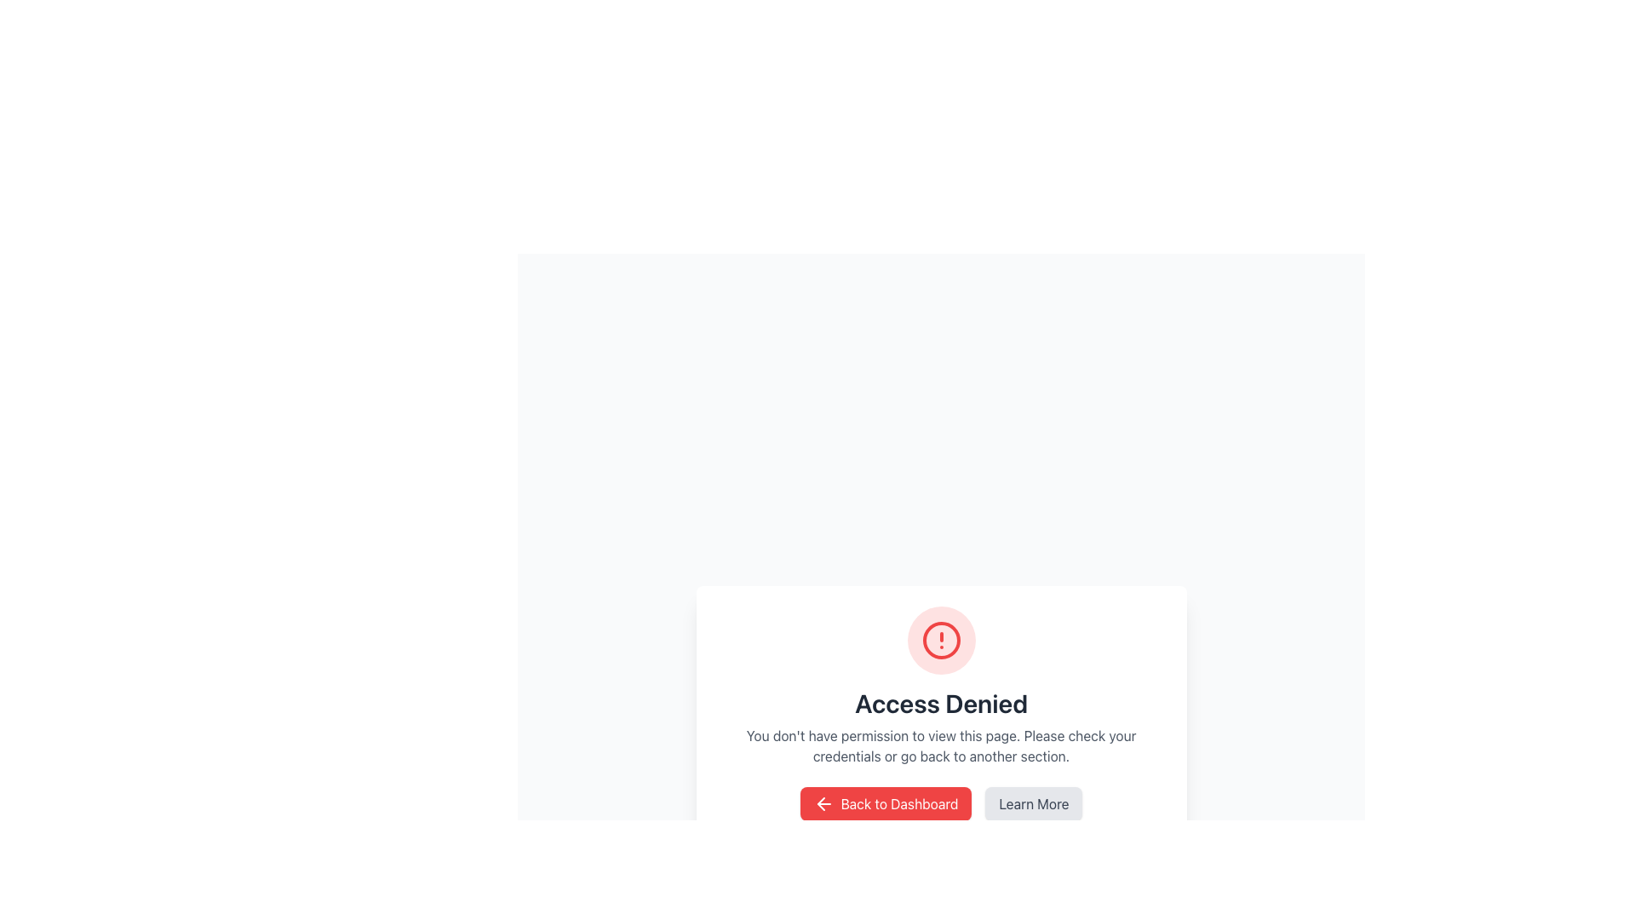  What do you see at coordinates (940, 804) in the screenshot?
I see `the left button labeled 'Back to Dashboard' in the button group located at the bottom center of the 'Access Denied' section` at bounding box center [940, 804].